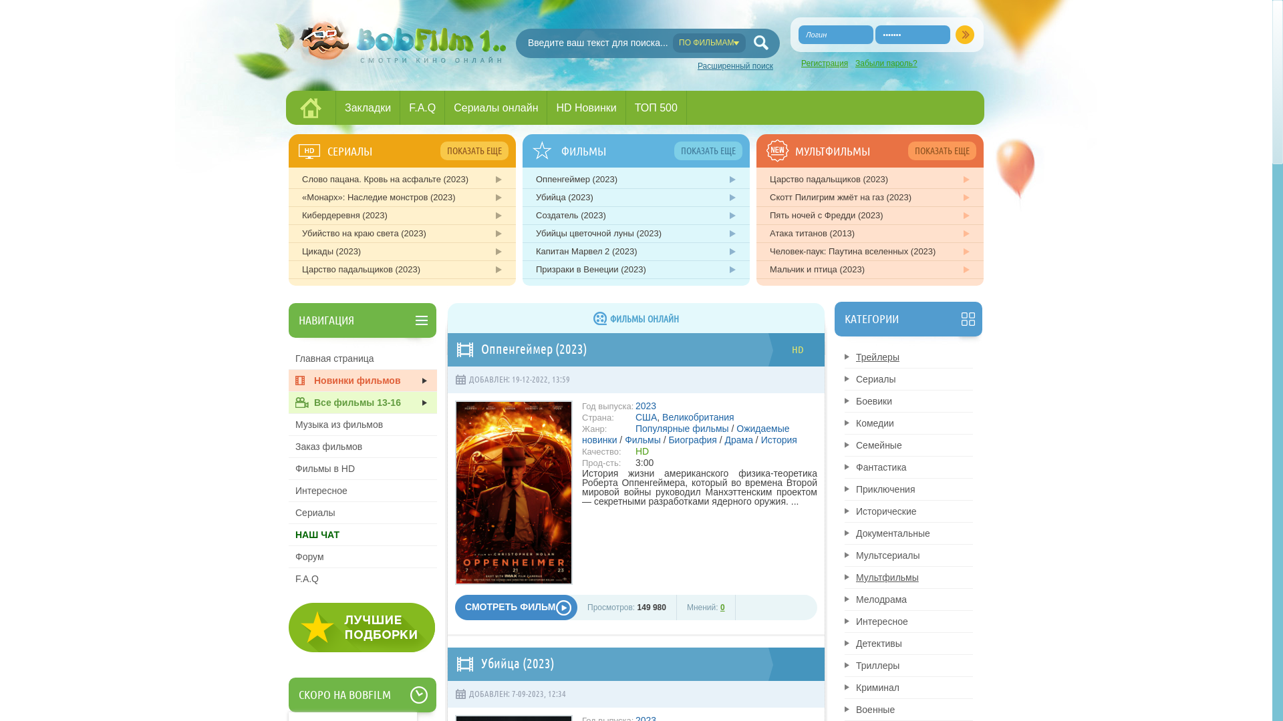 Image resolution: width=1283 pixels, height=721 pixels. What do you see at coordinates (288, 578) in the screenshot?
I see `'F.A.Q'` at bounding box center [288, 578].